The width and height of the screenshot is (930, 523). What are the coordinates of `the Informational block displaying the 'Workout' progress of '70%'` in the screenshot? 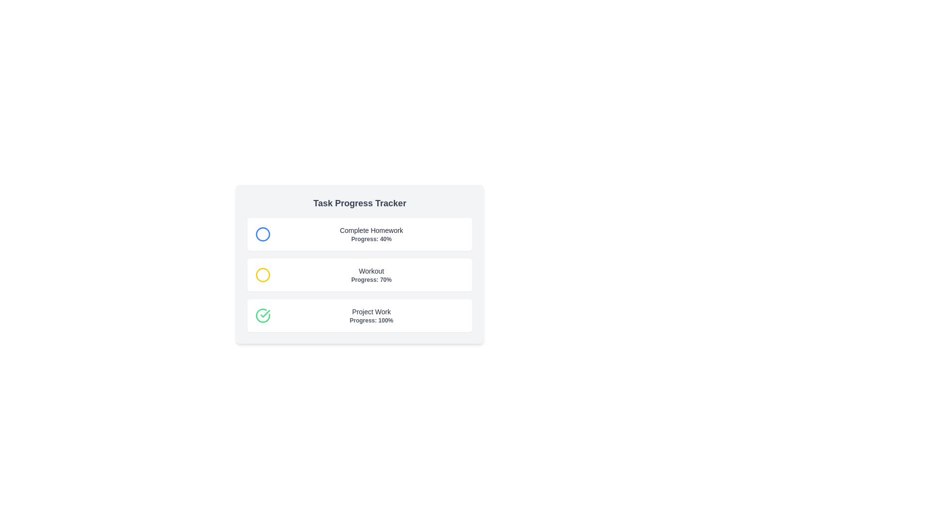 It's located at (359, 275).